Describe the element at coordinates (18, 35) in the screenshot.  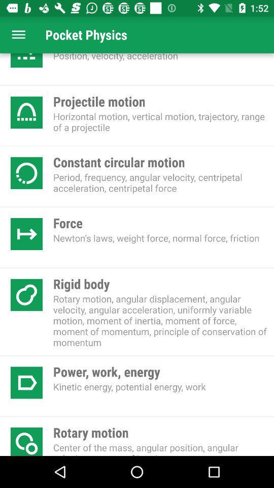
I see `shows the main menu` at that location.